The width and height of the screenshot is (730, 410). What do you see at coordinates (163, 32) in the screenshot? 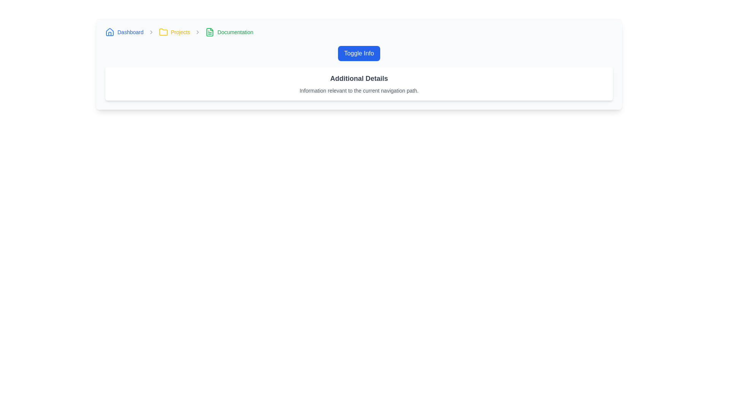
I see `the yellow folder icon in the breadcrumb navigation bar` at bounding box center [163, 32].